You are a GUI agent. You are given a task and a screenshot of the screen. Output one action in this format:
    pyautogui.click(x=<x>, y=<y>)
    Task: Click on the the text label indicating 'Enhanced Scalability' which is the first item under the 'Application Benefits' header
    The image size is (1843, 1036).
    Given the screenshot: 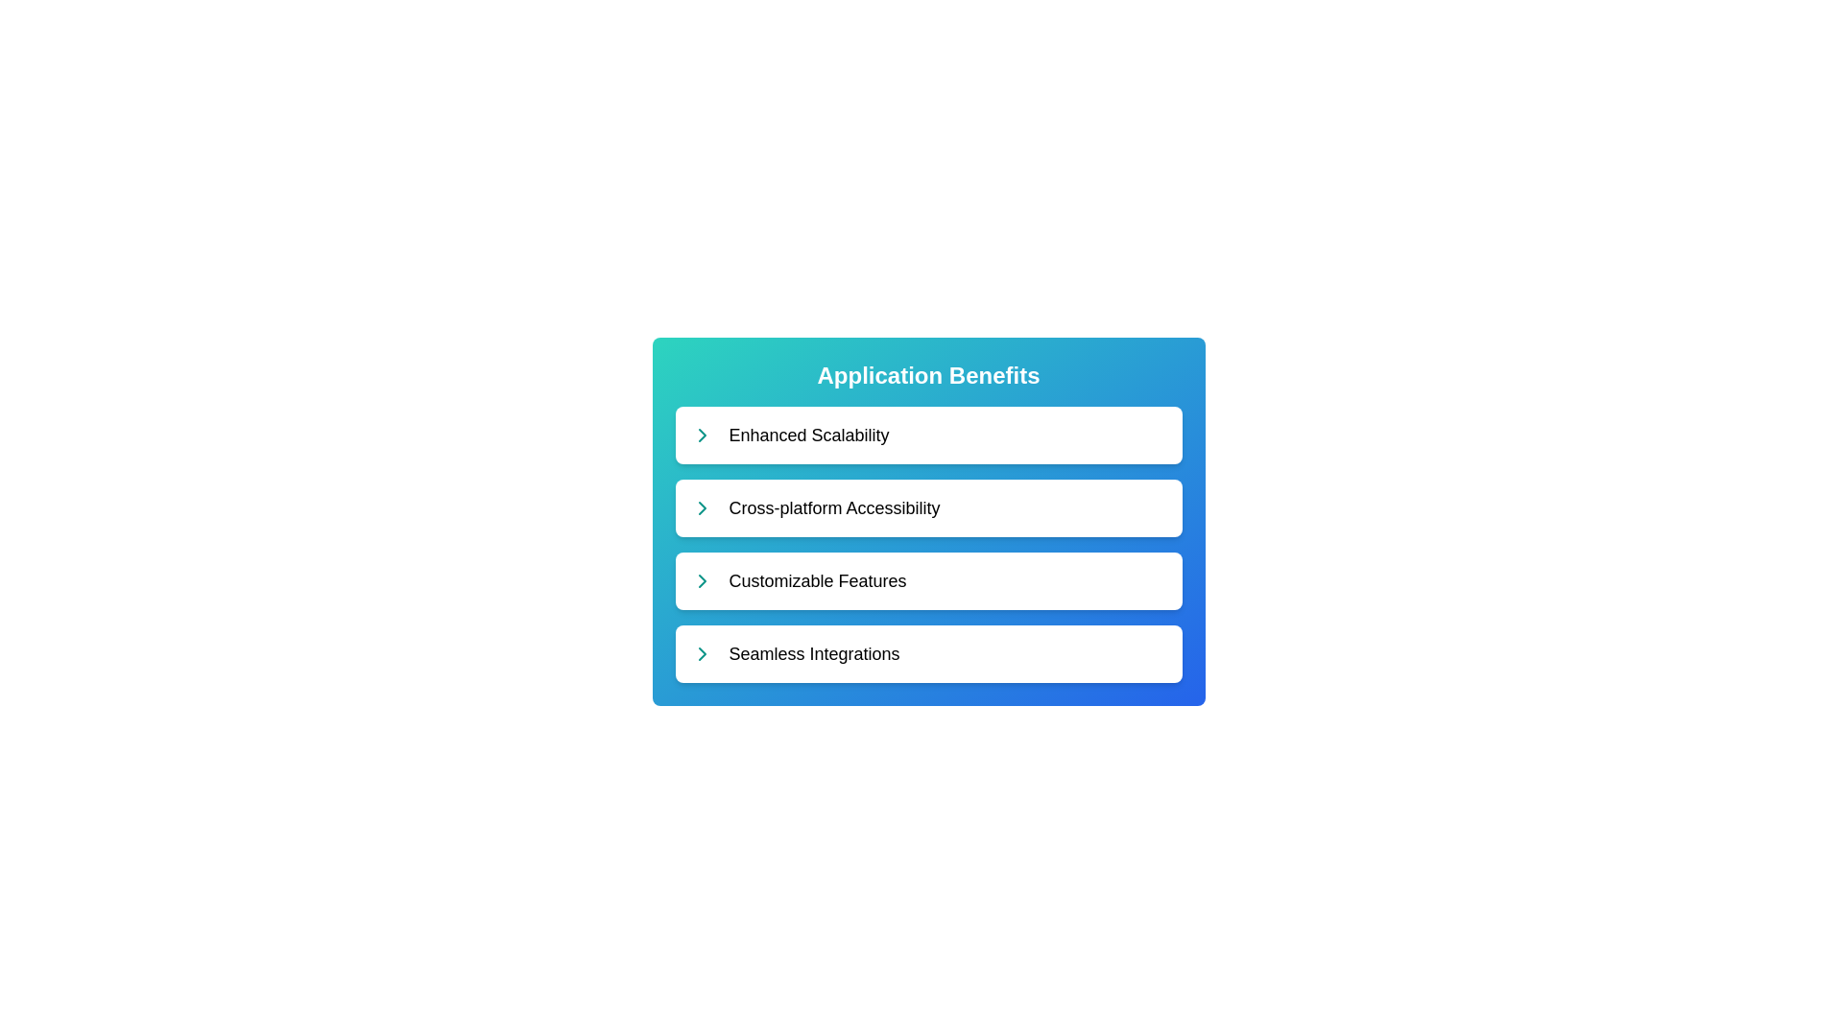 What is the action you would take?
    pyautogui.click(x=809, y=436)
    